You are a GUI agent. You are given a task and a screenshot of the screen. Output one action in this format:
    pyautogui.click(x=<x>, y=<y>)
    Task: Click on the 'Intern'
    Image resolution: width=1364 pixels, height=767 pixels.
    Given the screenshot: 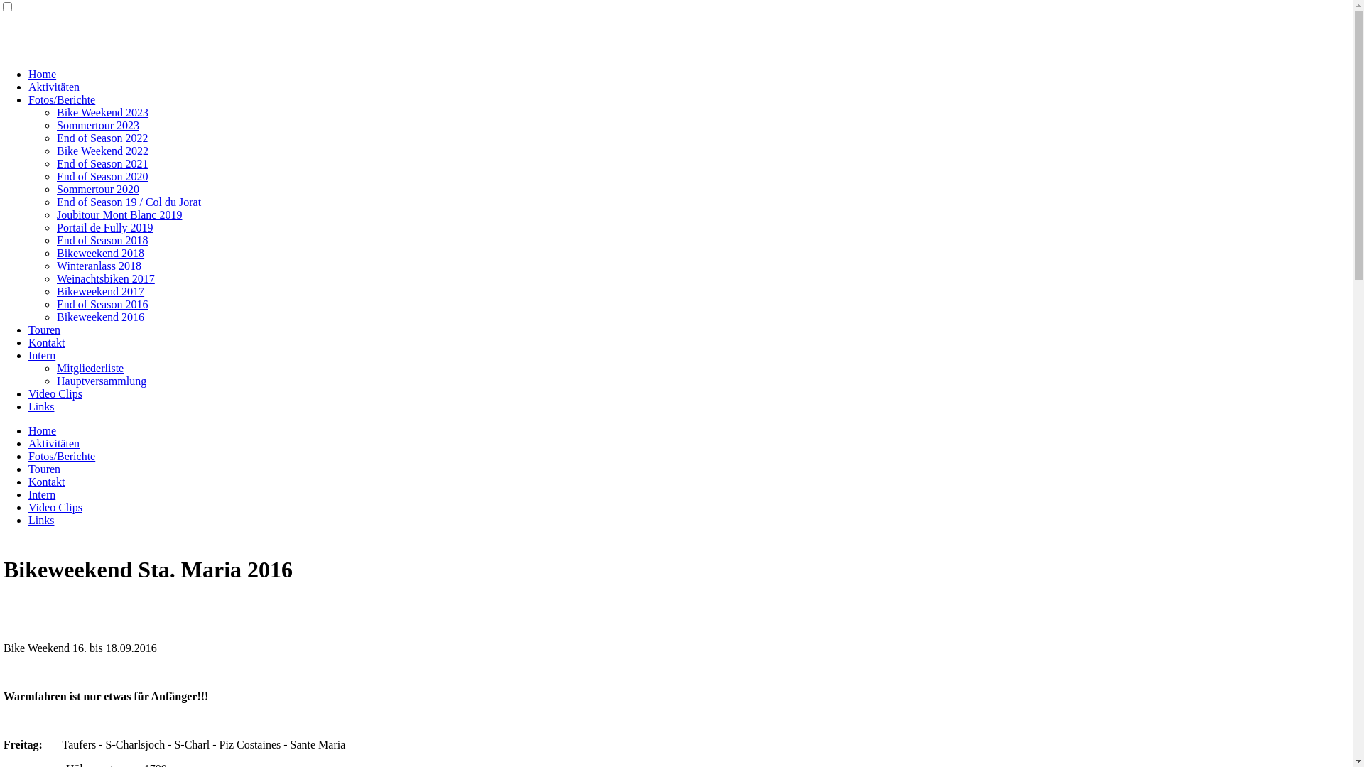 What is the action you would take?
    pyautogui.click(x=41, y=494)
    